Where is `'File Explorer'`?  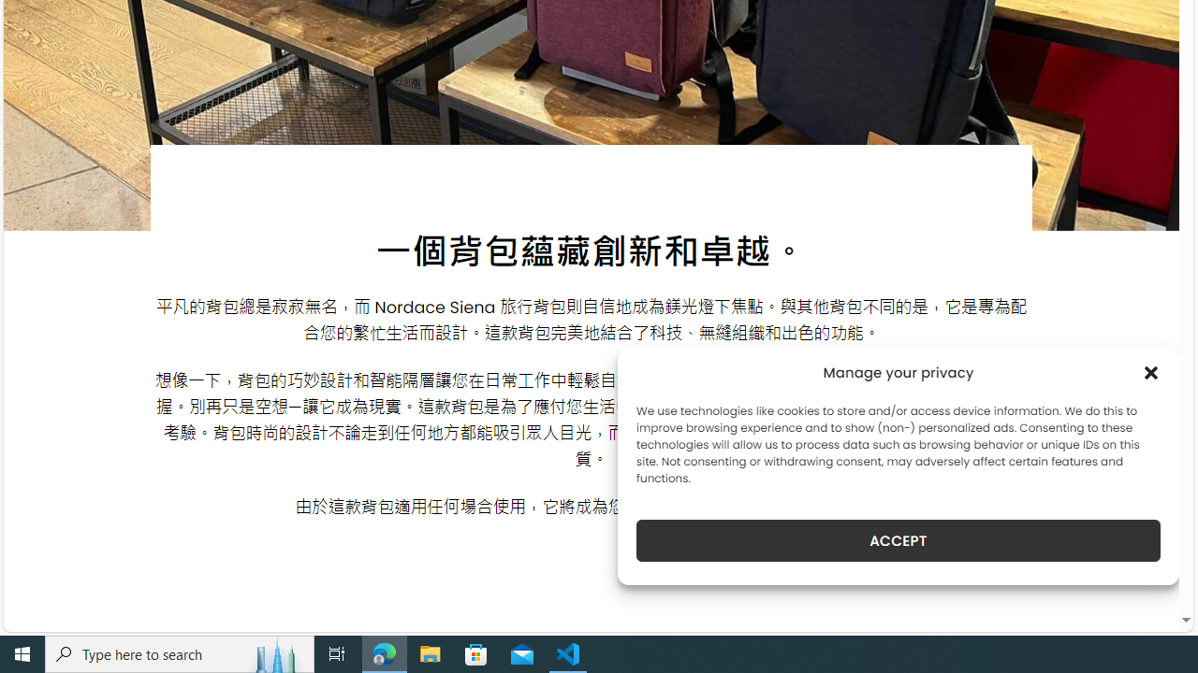
'File Explorer' is located at coordinates (430, 652).